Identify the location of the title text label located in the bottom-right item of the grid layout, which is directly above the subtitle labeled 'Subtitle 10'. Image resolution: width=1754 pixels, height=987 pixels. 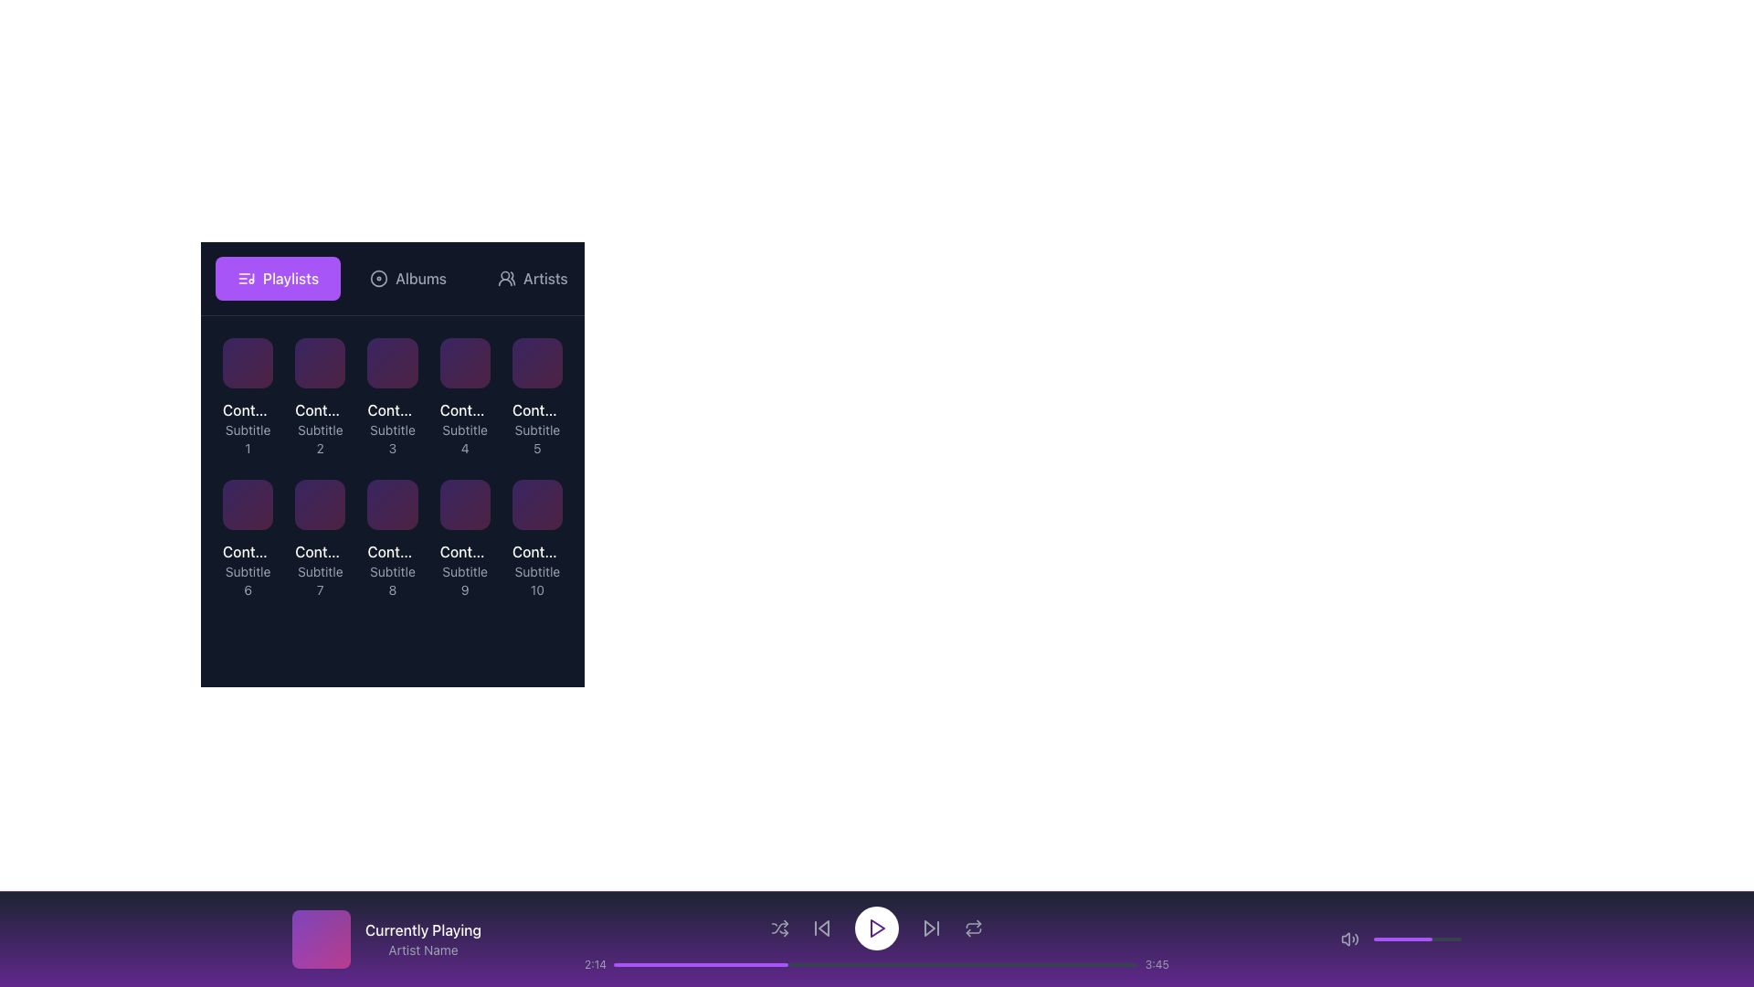
(536, 551).